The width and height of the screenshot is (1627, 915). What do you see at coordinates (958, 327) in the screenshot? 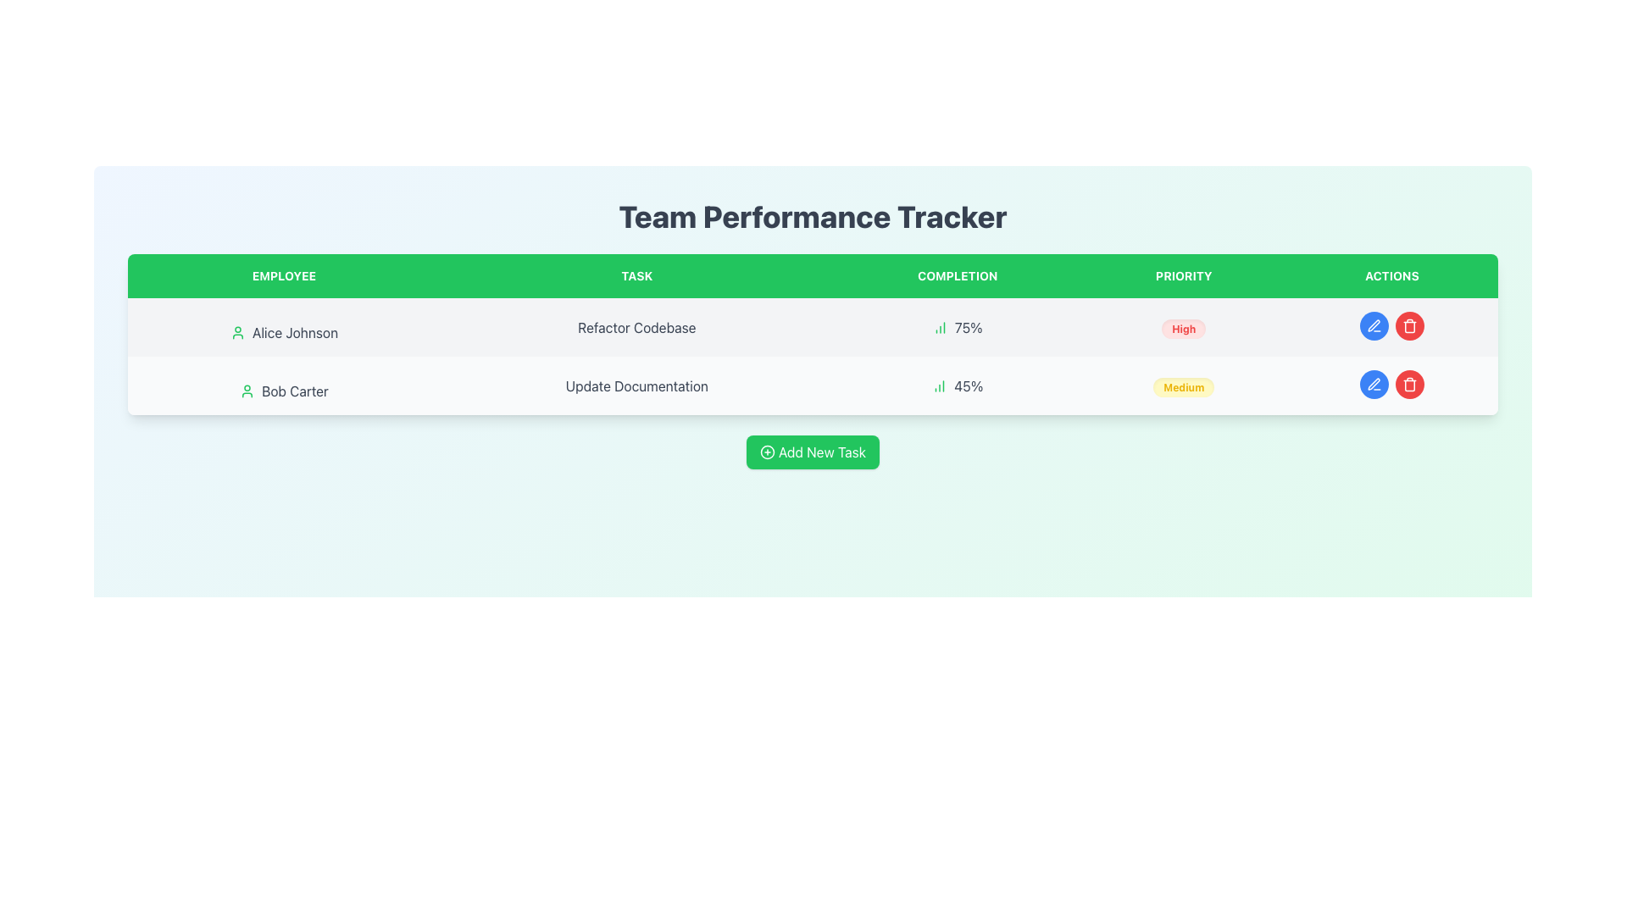
I see `the label displaying '75%' with a green bar chart icon, located in the third column of the first row of the 'Team Performance Tracker' table, beneath the 'Completion' header` at bounding box center [958, 327].